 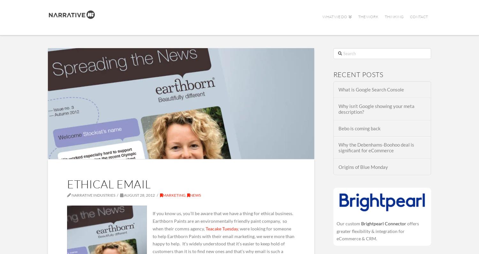 I want to click on 'Recent Posts', so click(x=358, y=74).